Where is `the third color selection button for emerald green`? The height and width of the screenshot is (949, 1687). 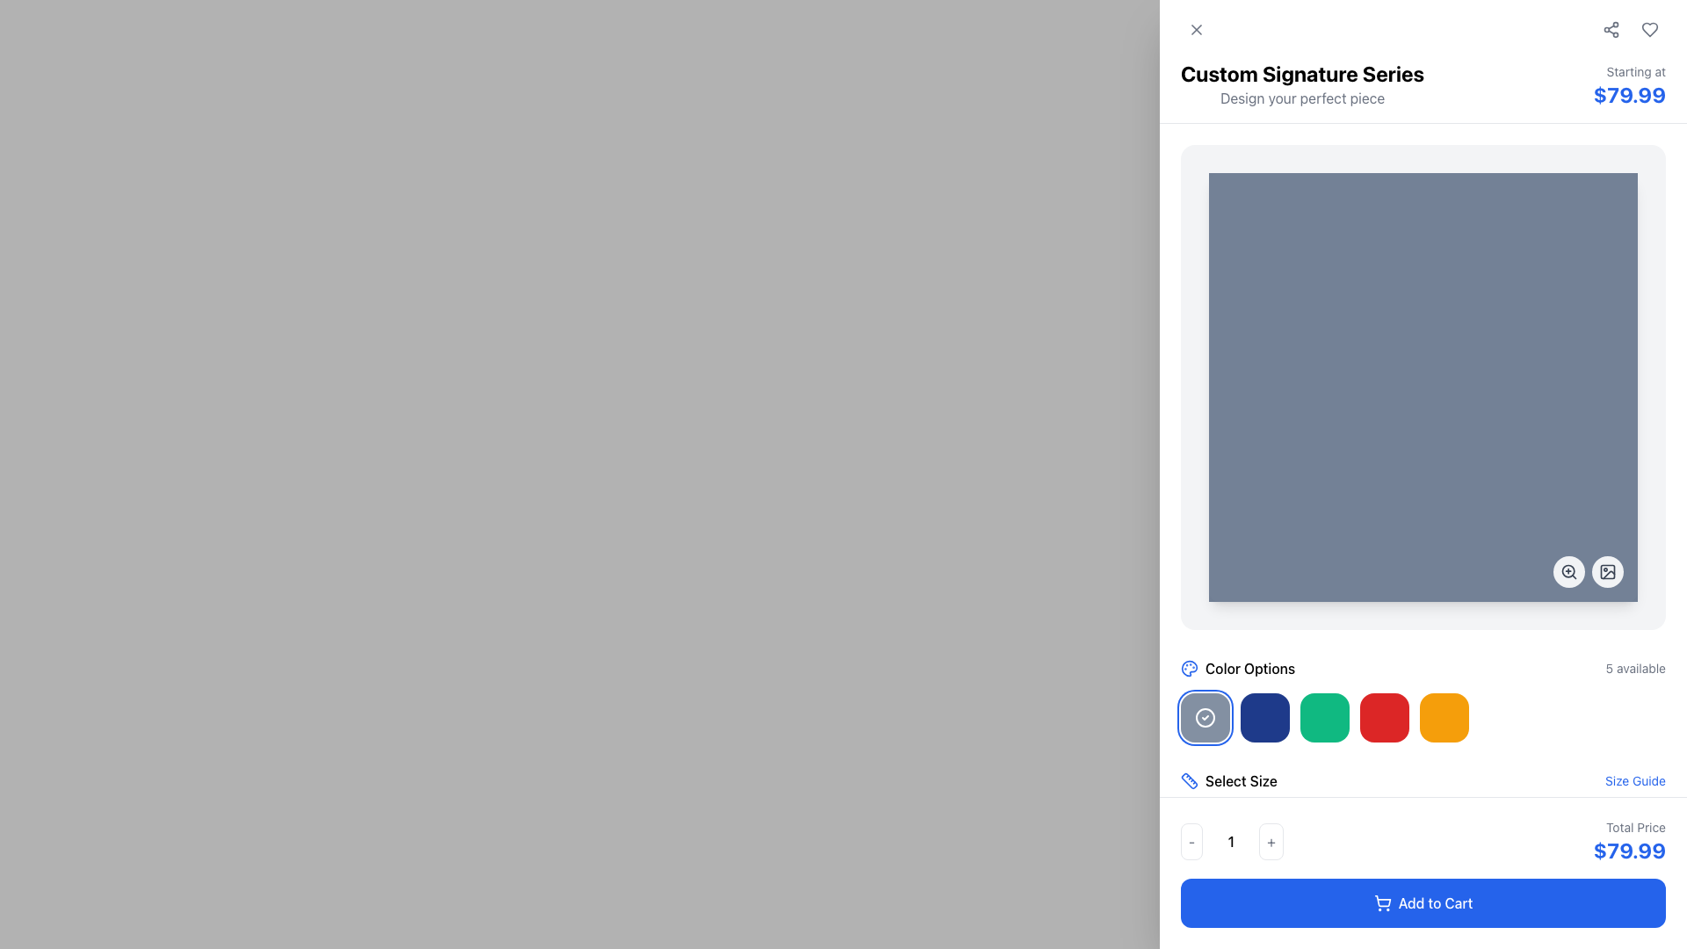 the third color selection button for emerald green is located at coordinates (1324, 718).